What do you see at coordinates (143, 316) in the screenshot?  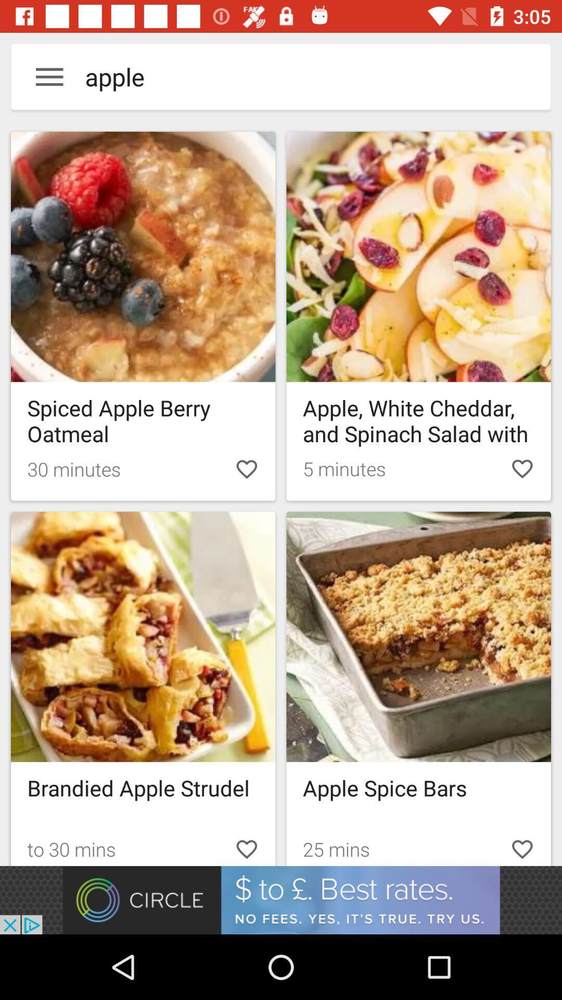 I see `first image below apple` at bounding box center [143, 316].